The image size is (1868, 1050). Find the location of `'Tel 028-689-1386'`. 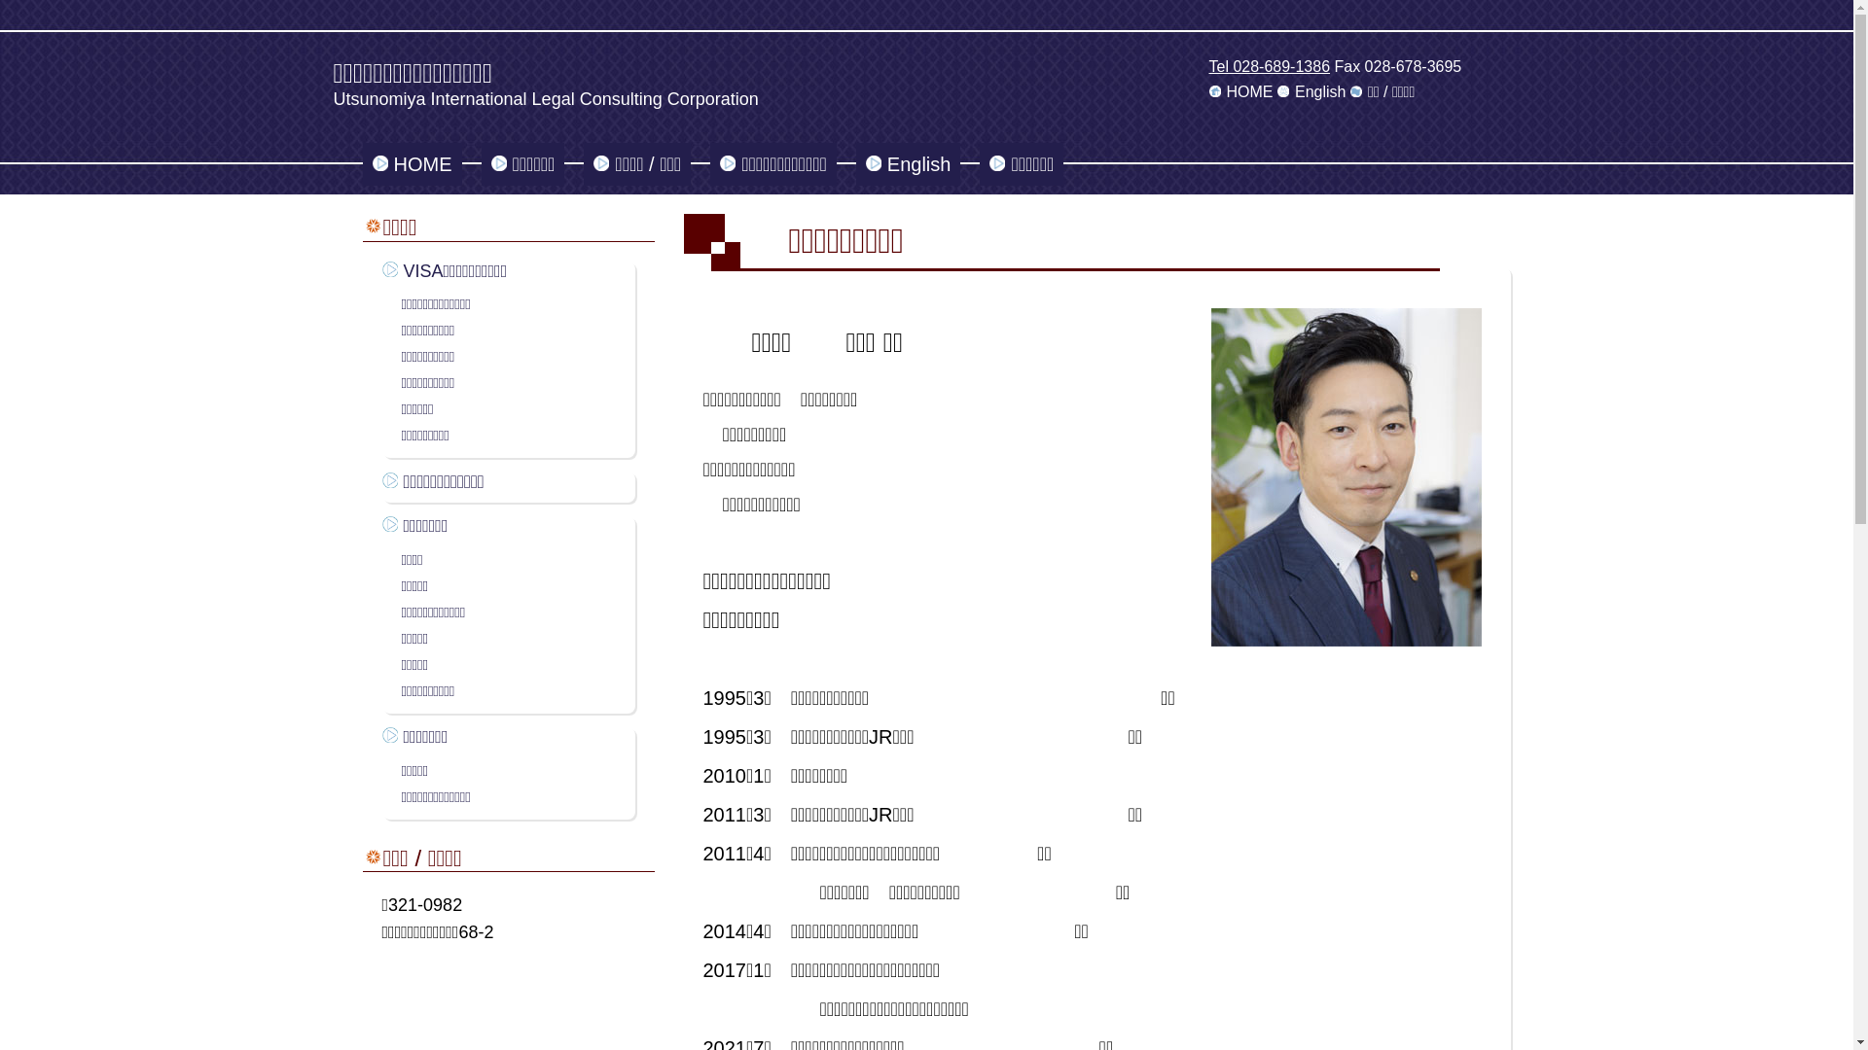

'Tel 028-689-1386' is located at coordinates (1269, 65).